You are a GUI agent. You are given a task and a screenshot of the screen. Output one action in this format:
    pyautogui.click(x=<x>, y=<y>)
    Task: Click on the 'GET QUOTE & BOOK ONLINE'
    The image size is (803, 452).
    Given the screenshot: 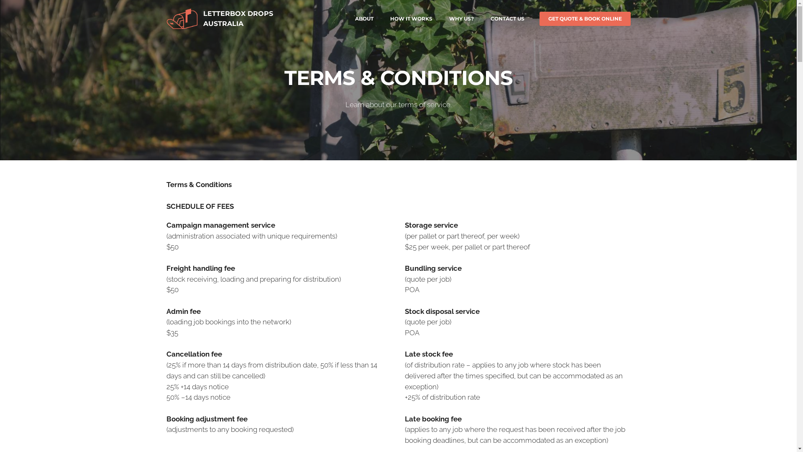 What is the action you would take?
    pyautogui.click(x=540, y=19)
    